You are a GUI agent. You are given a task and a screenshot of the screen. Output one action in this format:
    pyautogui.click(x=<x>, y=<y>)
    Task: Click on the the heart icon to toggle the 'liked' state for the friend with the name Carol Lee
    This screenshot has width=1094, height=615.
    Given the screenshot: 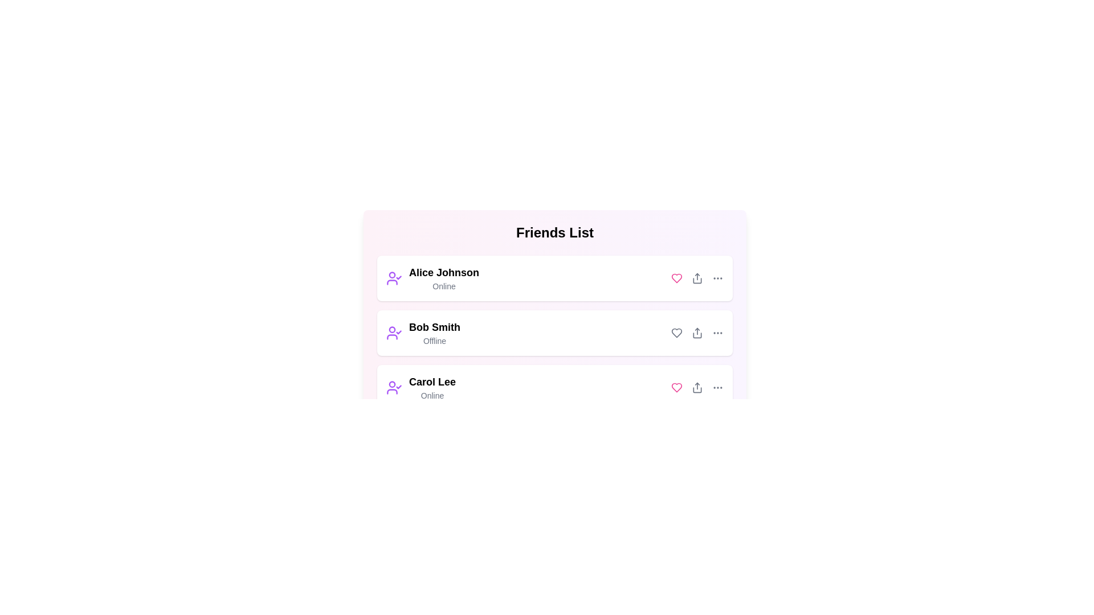 What is the action you would take?
    pyautogui.click(x=677, y=387)
    